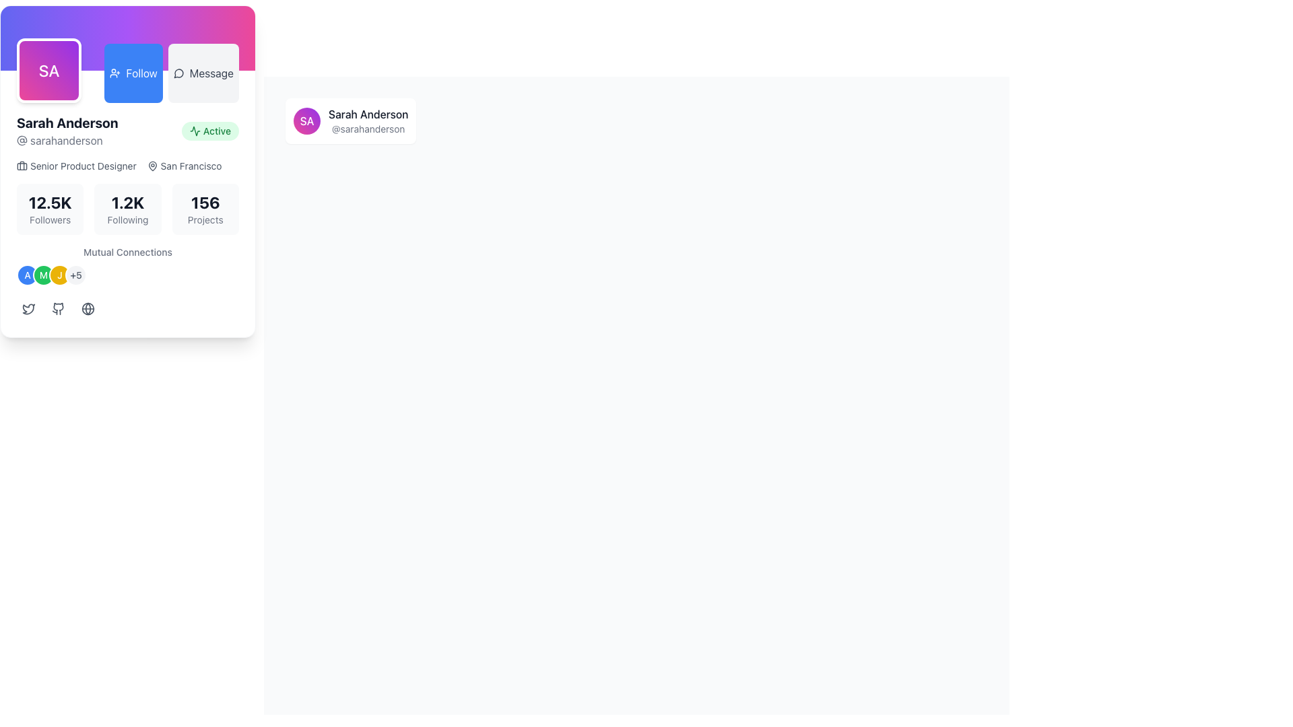 Image resolution: width=1293 pixels, height=727 pixels. What do you see at coordinates (57, 309) in the screenshot?
I see `the GitHub logo icon located at the center of the bottom left section of the main profile card` at bounding box center [57, 309].